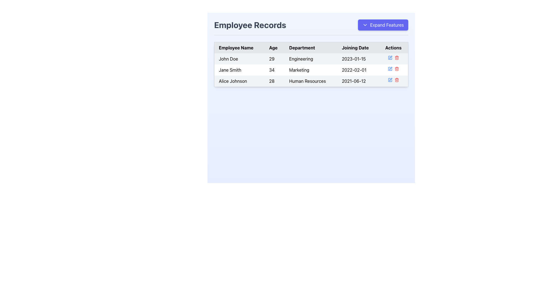 The height and width of the screenshot is (300, 534). I want to click on text indicating the purpose of the button located to the right of a dropdown arrow in the top-right section of the interface, so click(387, 24).